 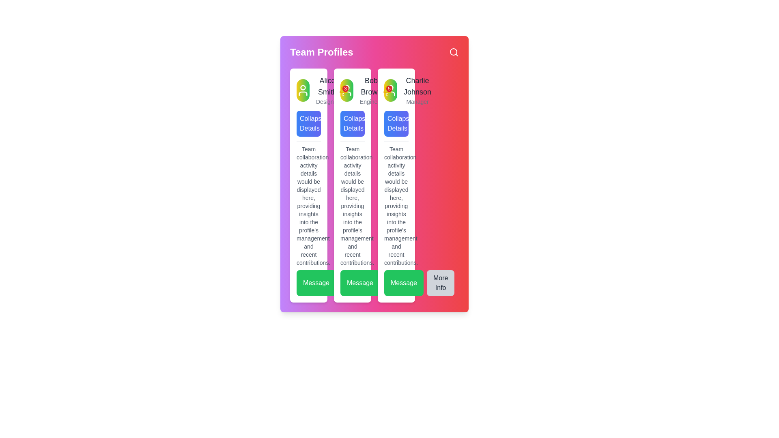 What do you see at coordinates (387, 90) in the screenshot?
I see `the notification badge indicating 5 new notifications for user 'Bob Brown', located at the top-right of the user card, overlaying a bell icon` at bounding box center [387, 90].